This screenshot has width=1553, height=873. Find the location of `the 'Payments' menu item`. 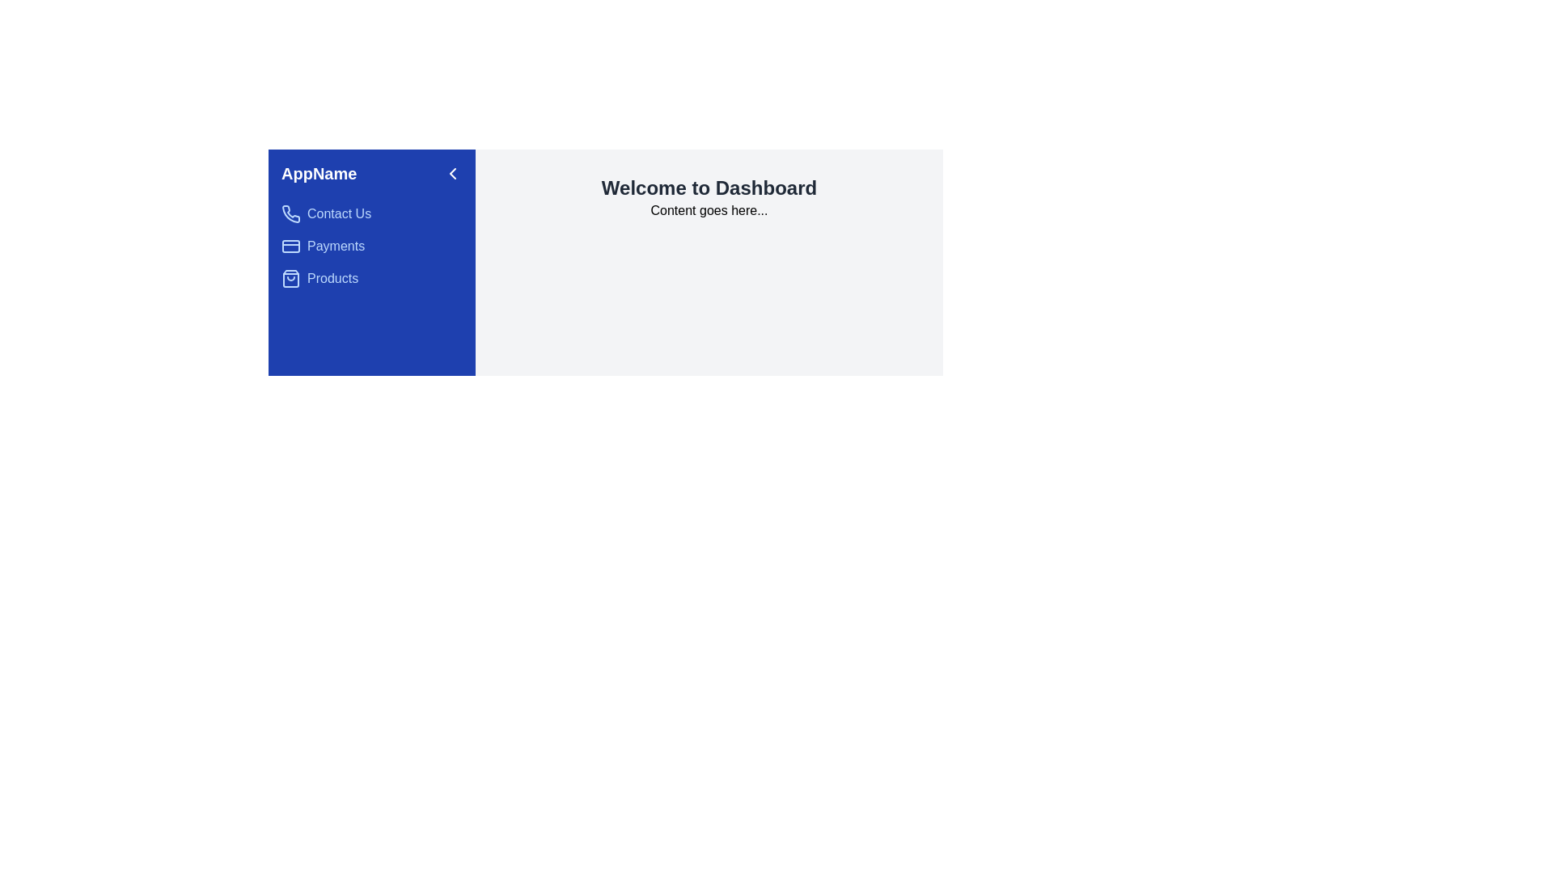

the 'Payments' menu item is located at coordinates (371, 246).